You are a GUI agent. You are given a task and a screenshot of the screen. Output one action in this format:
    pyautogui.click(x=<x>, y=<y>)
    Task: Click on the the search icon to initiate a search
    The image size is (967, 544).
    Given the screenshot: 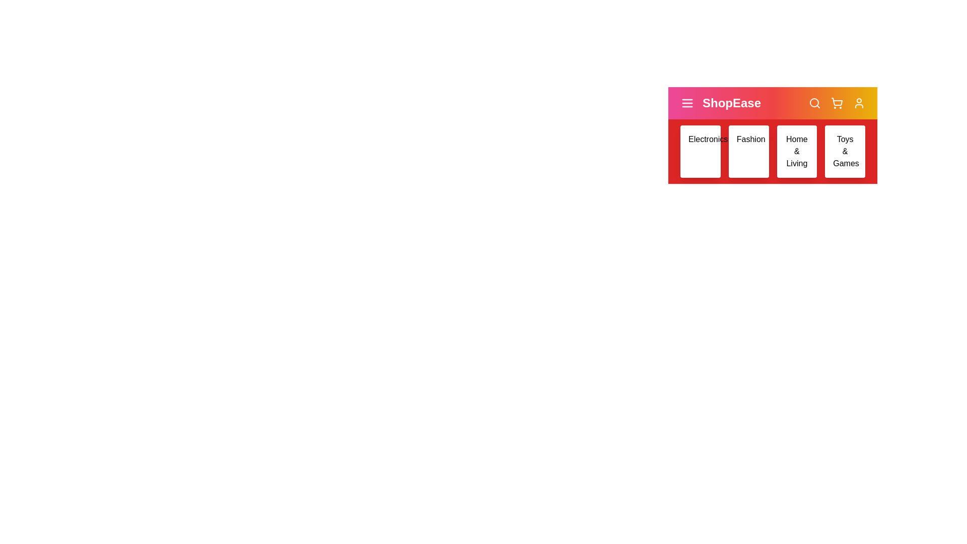 What is the action you would take?
    pyautogui.click(x=814, y=103)
    